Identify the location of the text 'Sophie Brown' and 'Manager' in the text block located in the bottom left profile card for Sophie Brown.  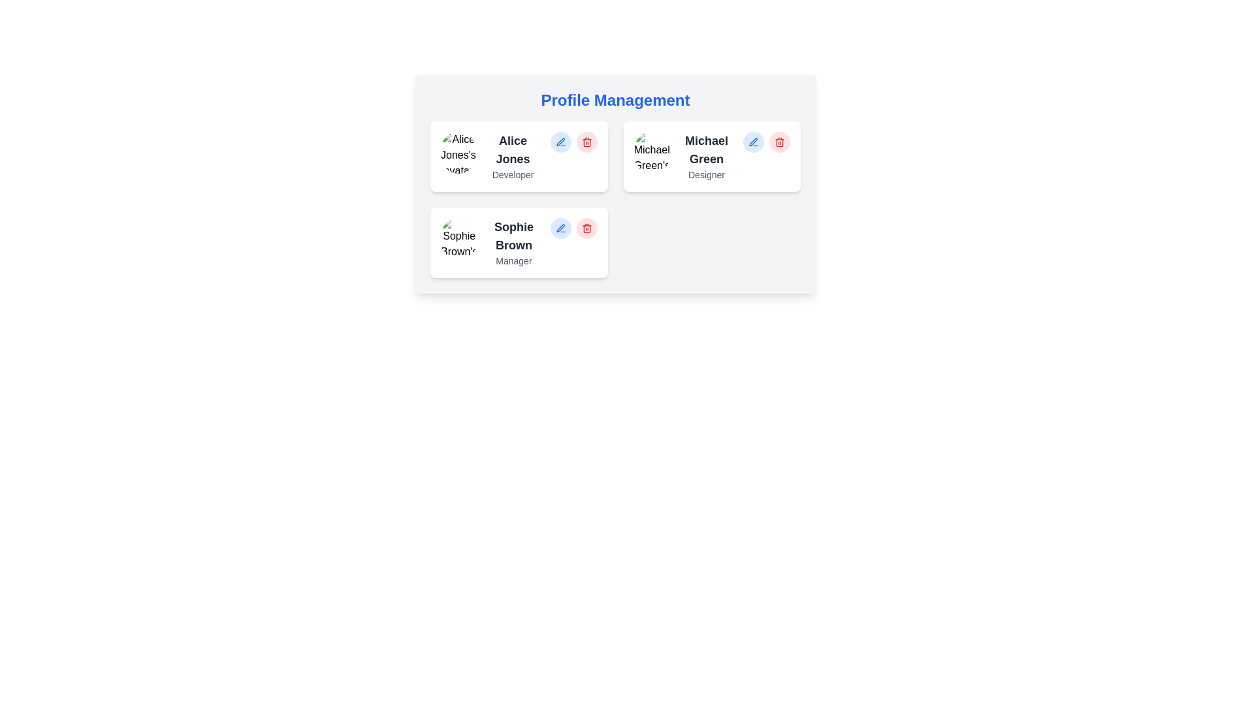
(513, 242).